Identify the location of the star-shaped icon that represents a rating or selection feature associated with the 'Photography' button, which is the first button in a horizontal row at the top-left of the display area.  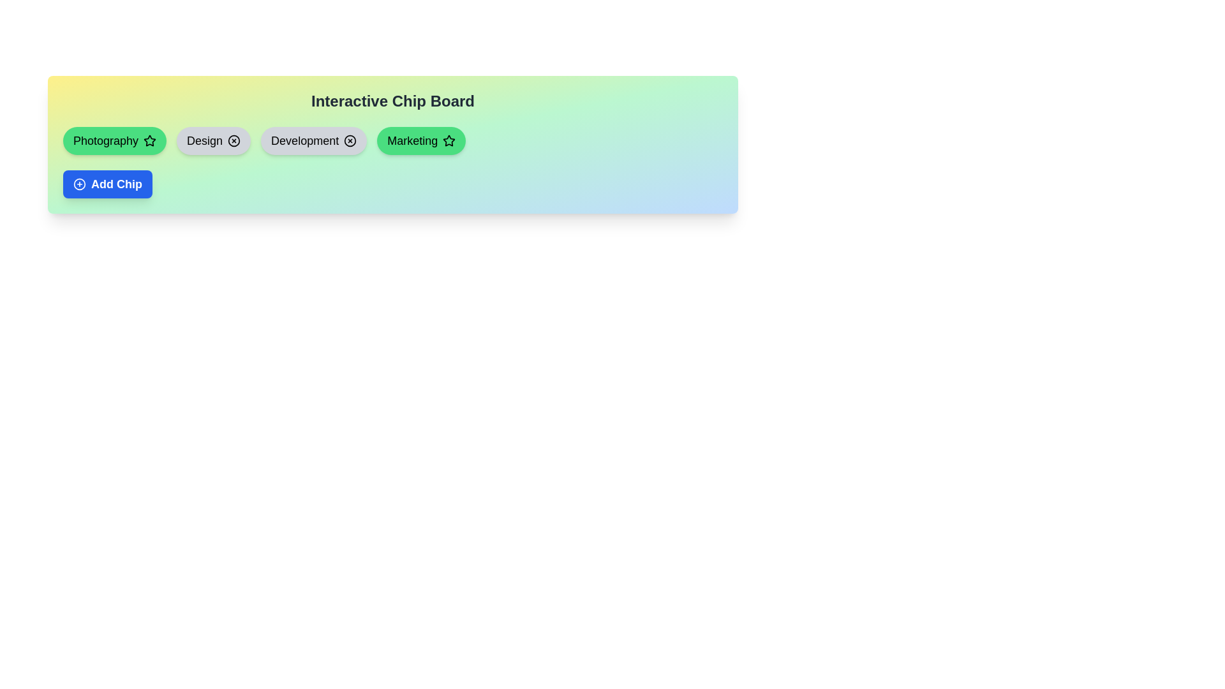
(150, 140).